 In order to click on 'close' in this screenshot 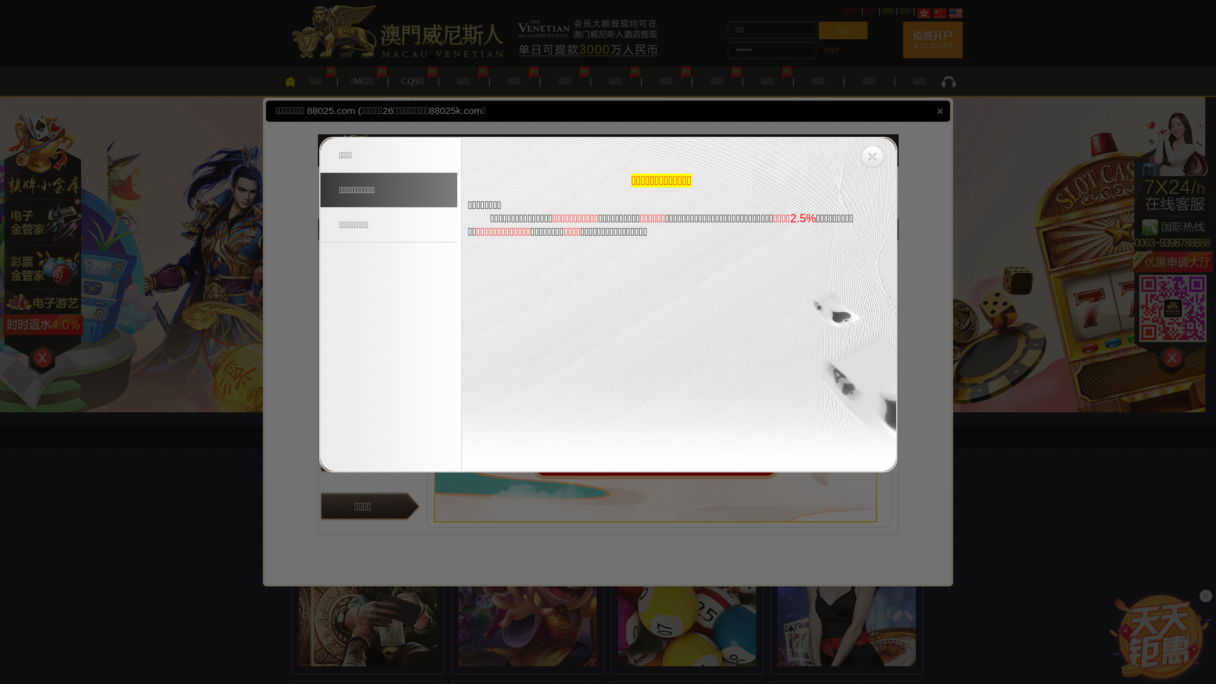, I will do `click(933, 110)`.